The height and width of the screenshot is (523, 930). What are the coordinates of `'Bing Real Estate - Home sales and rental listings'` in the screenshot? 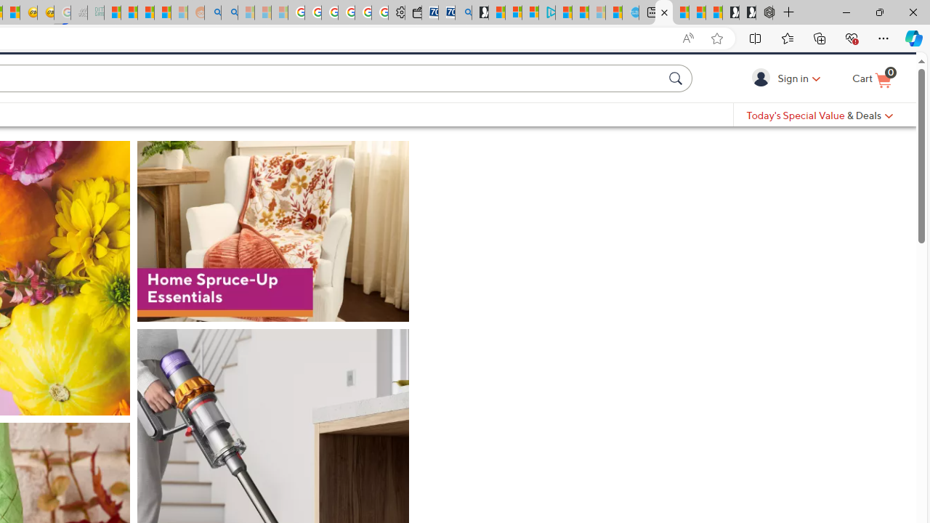 It's located at (463, 12).